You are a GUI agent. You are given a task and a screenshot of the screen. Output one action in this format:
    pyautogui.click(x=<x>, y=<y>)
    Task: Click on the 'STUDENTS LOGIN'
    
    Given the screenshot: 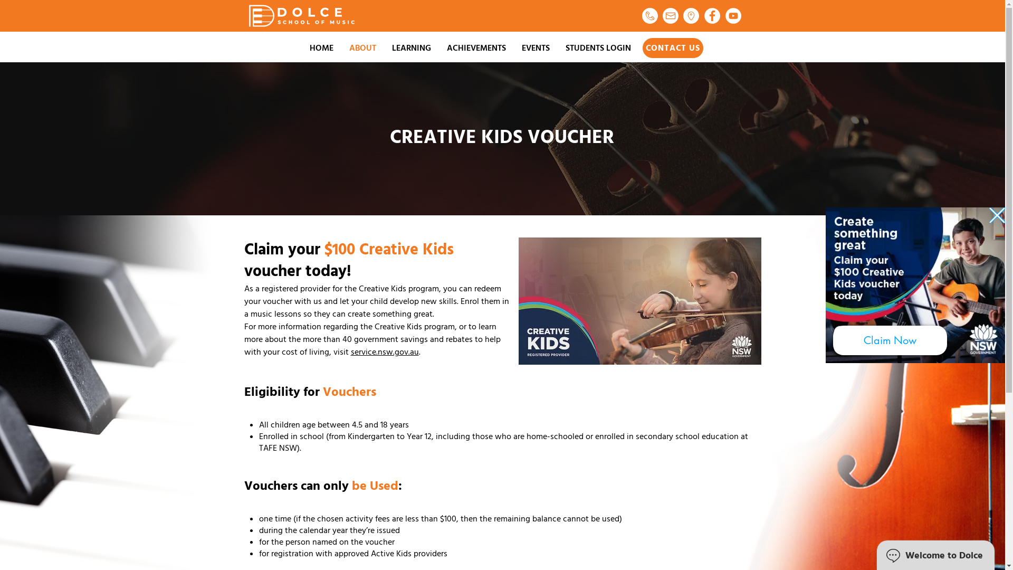 What is the action you would take?
    pyautogui.click(x=597, y=48)
    